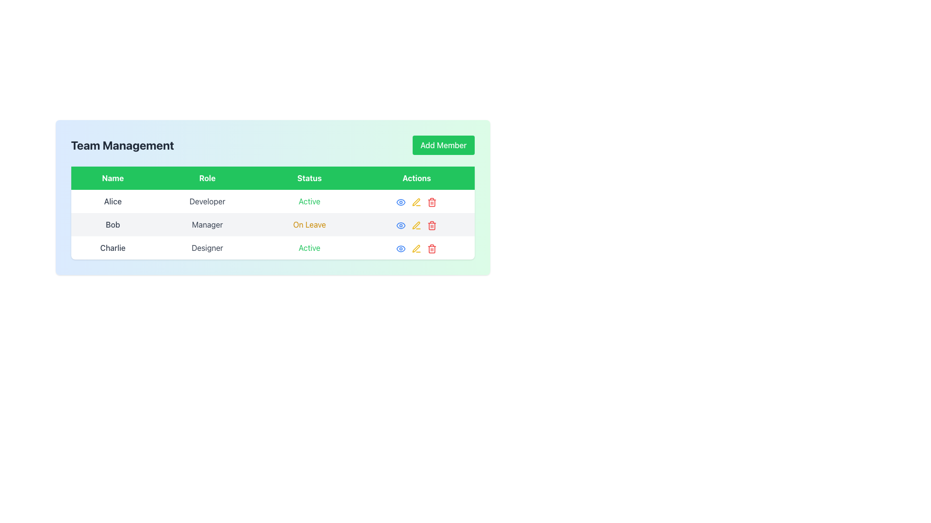 The image size is (931, 523). I want to click on the yellow pen icon in the 'Actions' column of the second row in the 'Team Management' table, so click(417, 224).